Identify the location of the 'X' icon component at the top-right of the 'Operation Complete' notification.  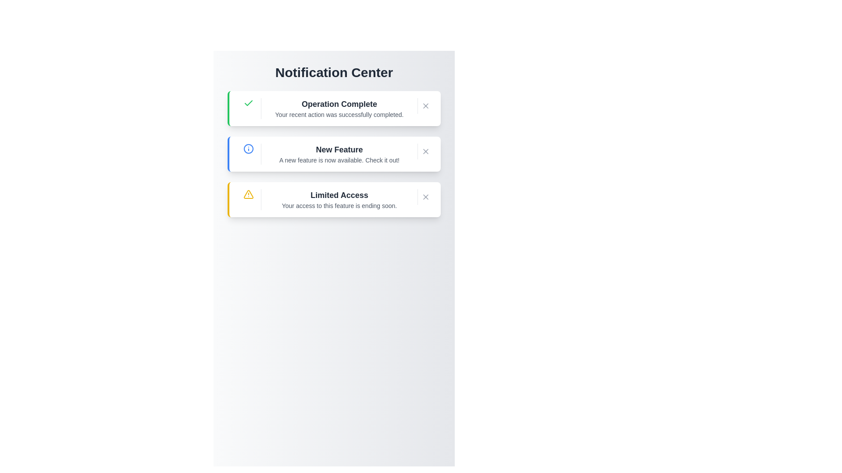
(425, 106).